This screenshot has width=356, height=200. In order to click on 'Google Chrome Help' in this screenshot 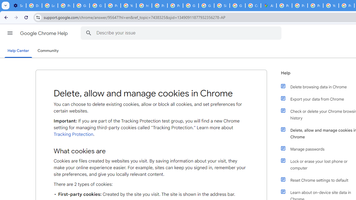, I will do `click(44, 33)`.